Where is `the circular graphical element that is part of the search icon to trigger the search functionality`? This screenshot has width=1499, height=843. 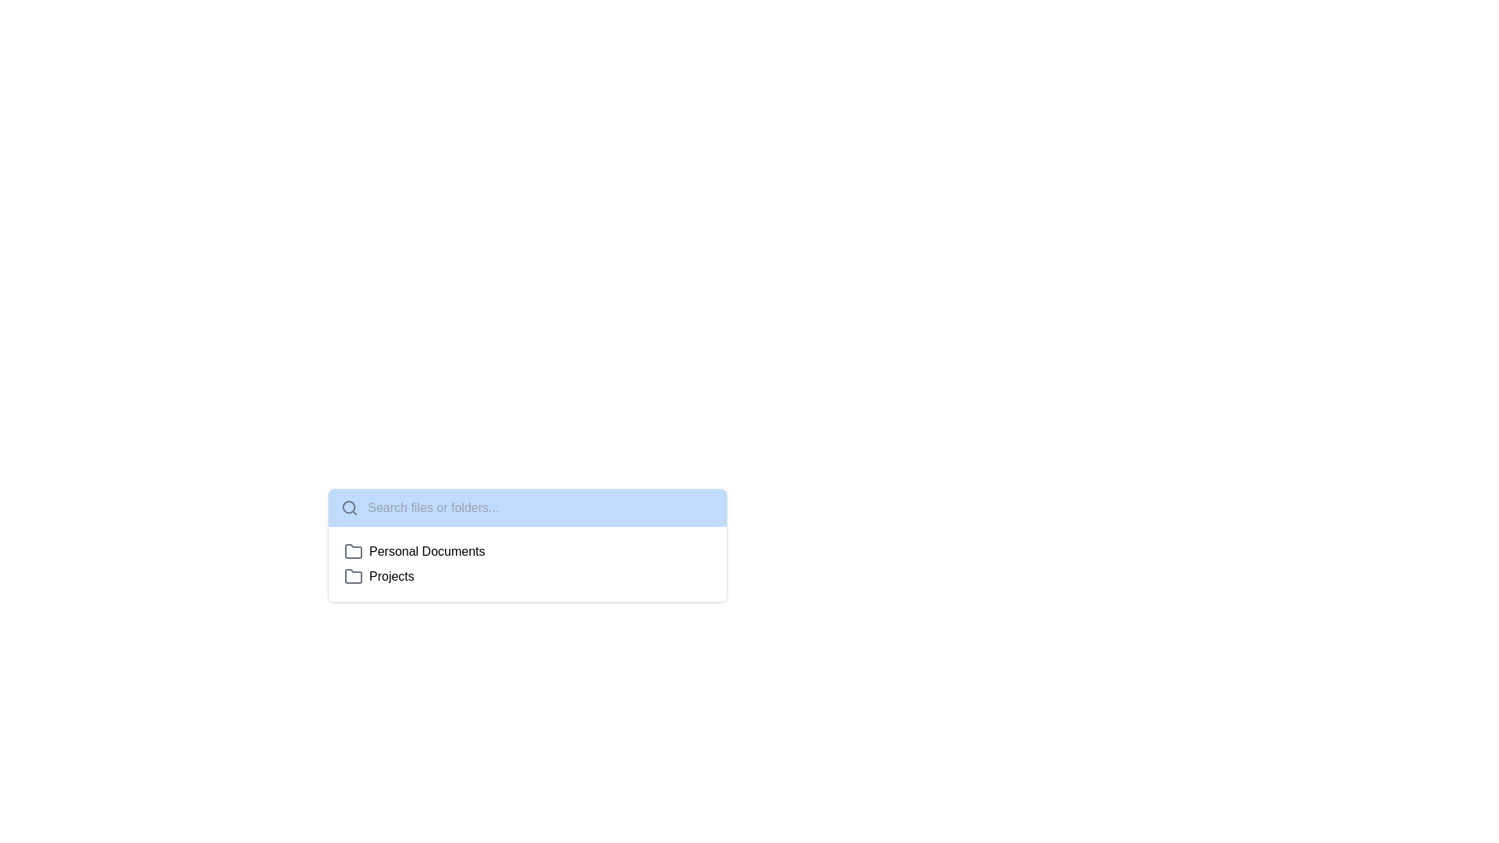
the circular graphical element that is part of the search icon to trigger the search functionality is located at coordinates (347, 507).